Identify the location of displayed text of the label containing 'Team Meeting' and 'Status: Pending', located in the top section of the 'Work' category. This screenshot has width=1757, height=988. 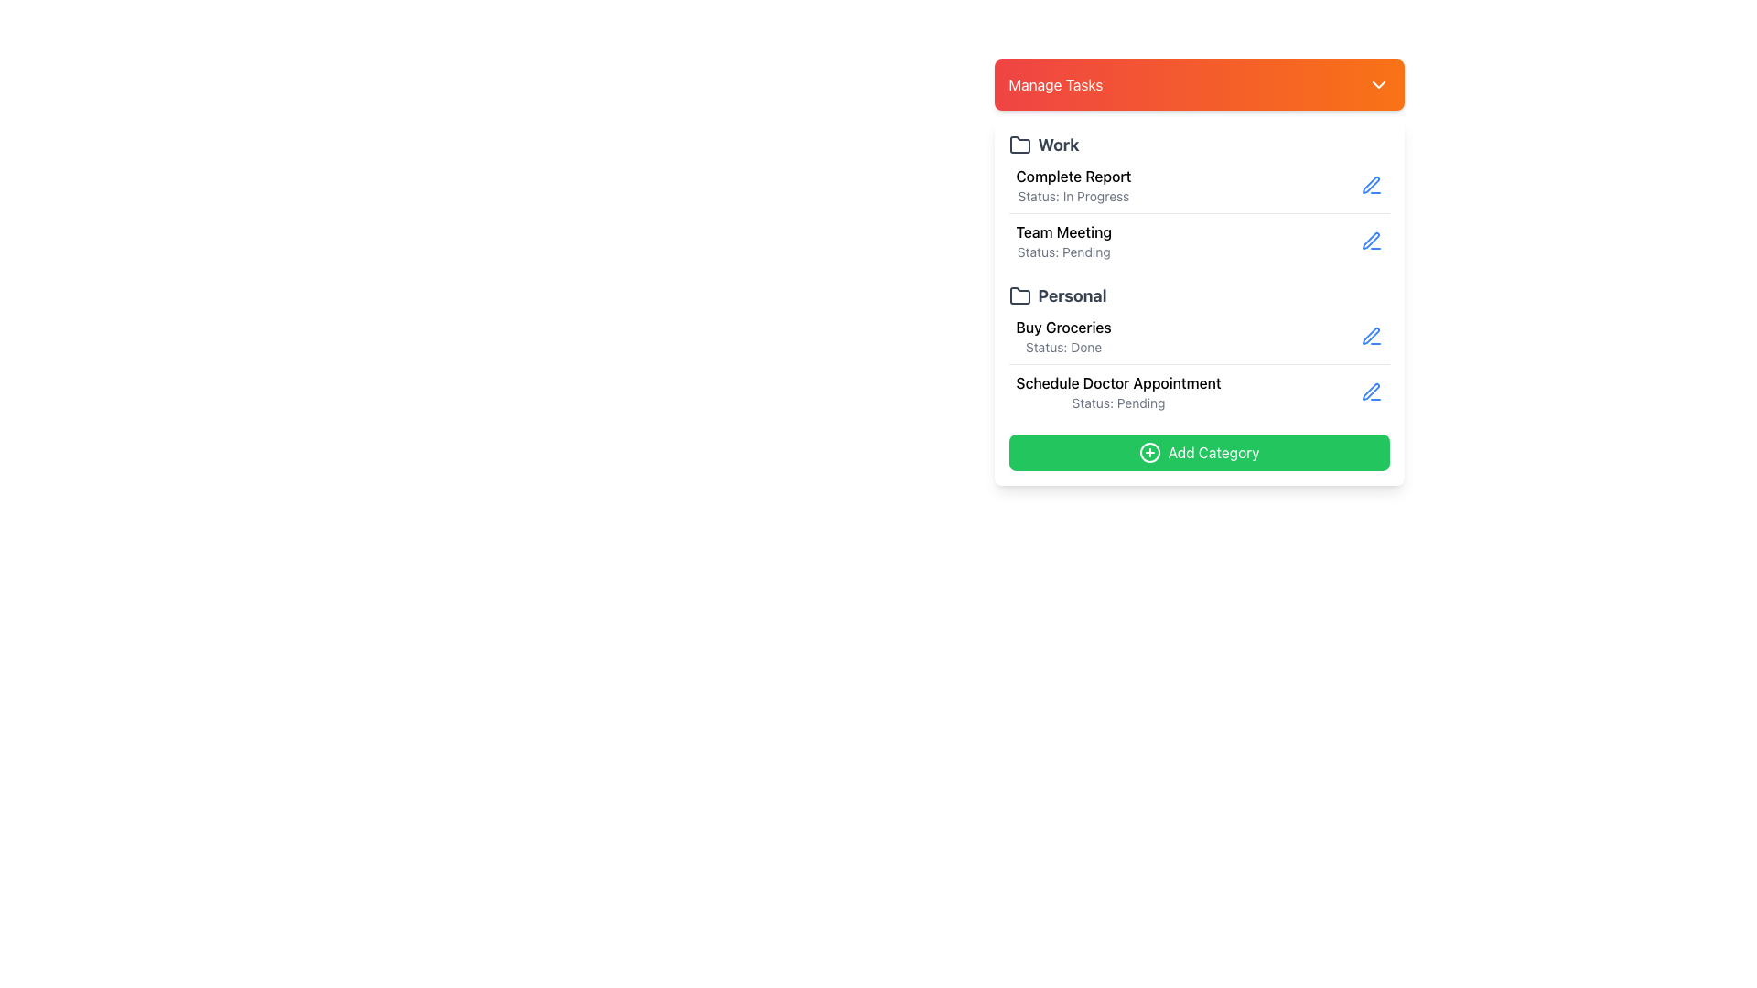
(1063, 240).